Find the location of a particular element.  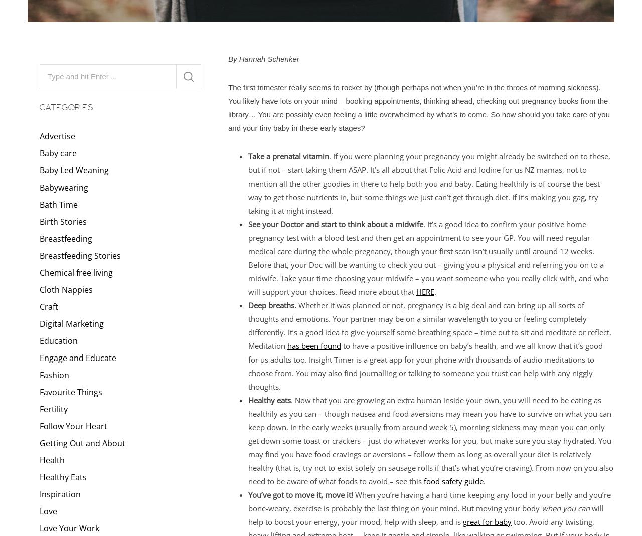

'Whether it was planned or not, pregnancy is a big deal and can bring up all sorts of thoughts and emotions. Your partner may be on a similar wavelength to you or feeling completely differently. It’s a good idea to give yourself some breathing space – time out to sit and meditate or reflect. Meditation' is located at coordinates (248, 324).